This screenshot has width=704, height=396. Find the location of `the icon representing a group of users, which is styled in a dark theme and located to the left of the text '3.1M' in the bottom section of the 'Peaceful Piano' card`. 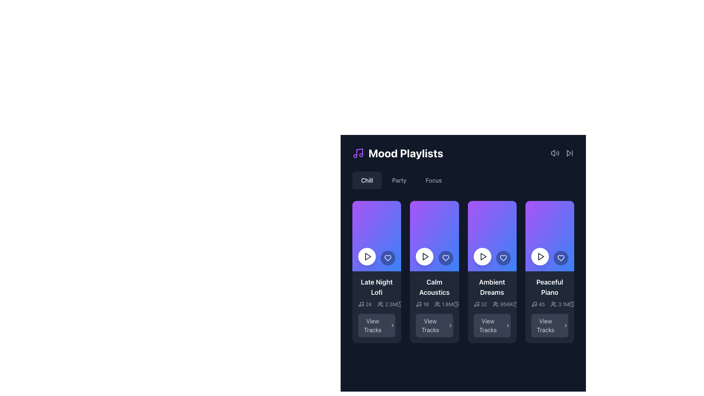

the icon representing a group of users, which is styled in a dark theme and located to the left of the text '3.1M' in the bottom section of the 'Peaceful Piano' card is located at coordinates (554, 304).